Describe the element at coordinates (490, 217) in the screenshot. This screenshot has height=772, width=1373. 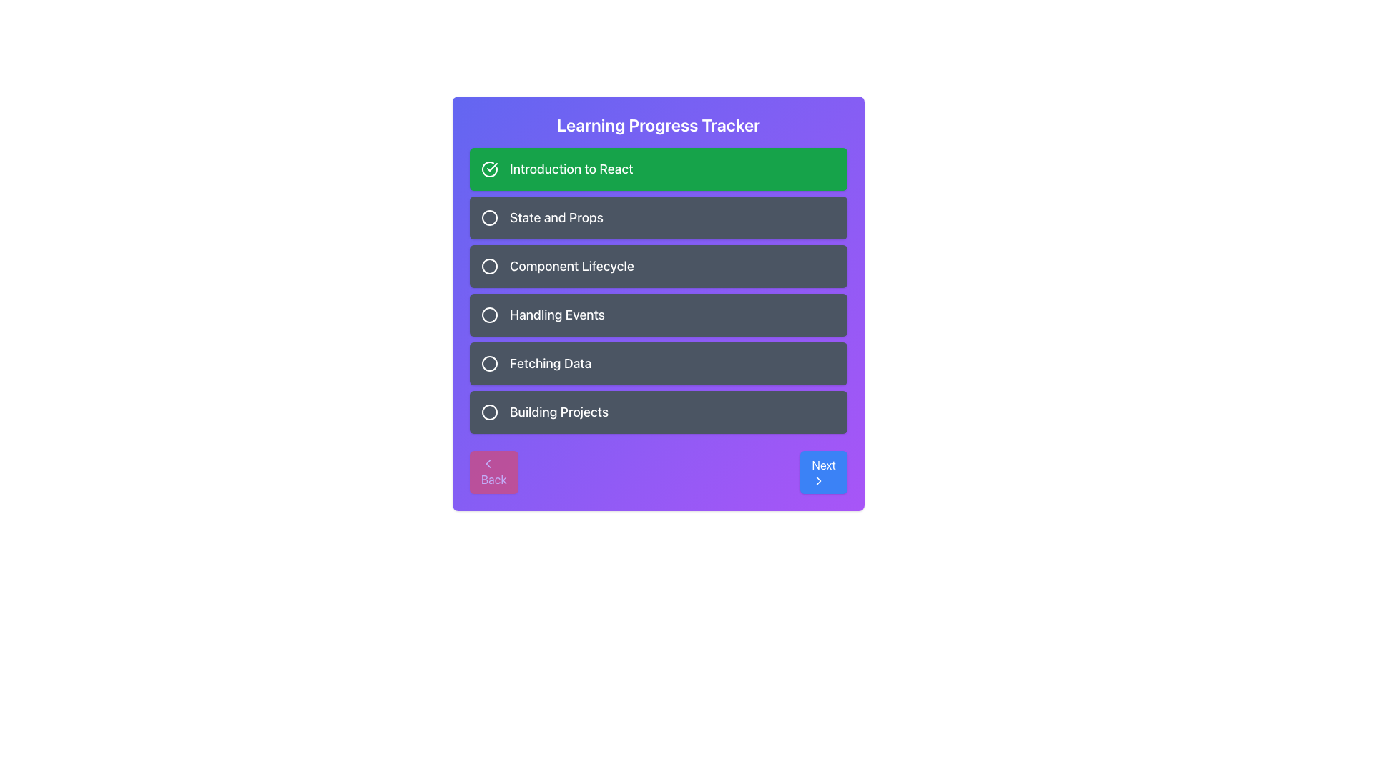
I see `the SVG circle graphical element indicating selection or progress for the second list item labeled 'State and Props' in the learning progress tracker` at that location.